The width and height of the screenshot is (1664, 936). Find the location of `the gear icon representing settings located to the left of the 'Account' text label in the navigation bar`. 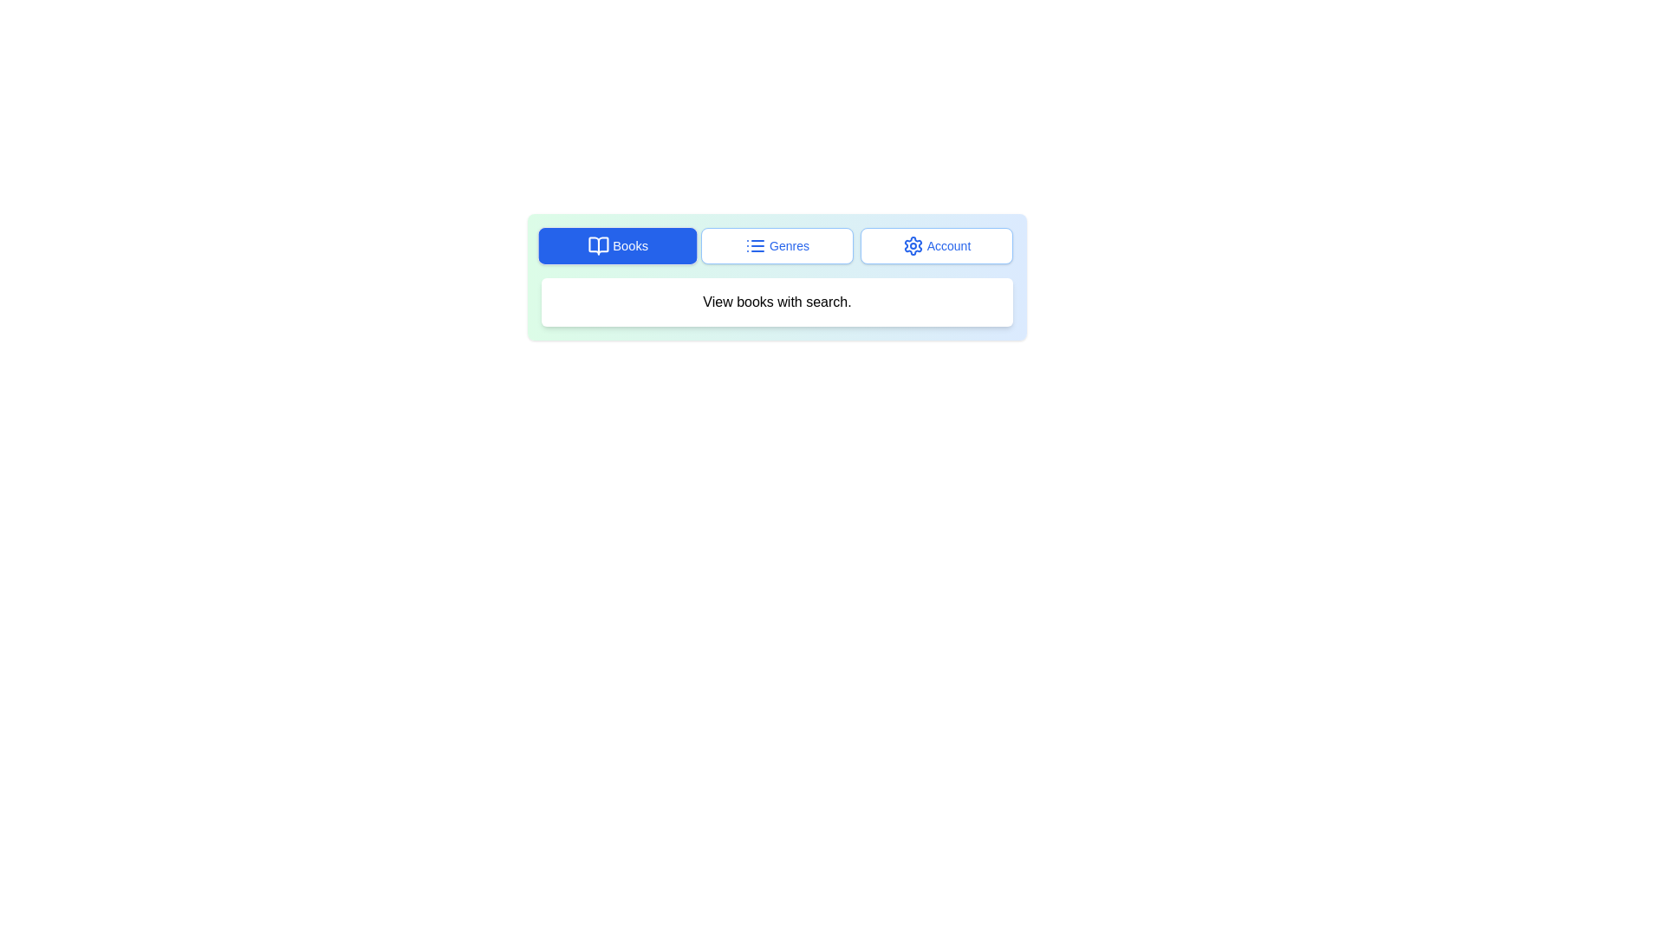

the gear icon representing settings located to the left of the 'Account' text label in the navigation bar is located at coordinates (912, 246).